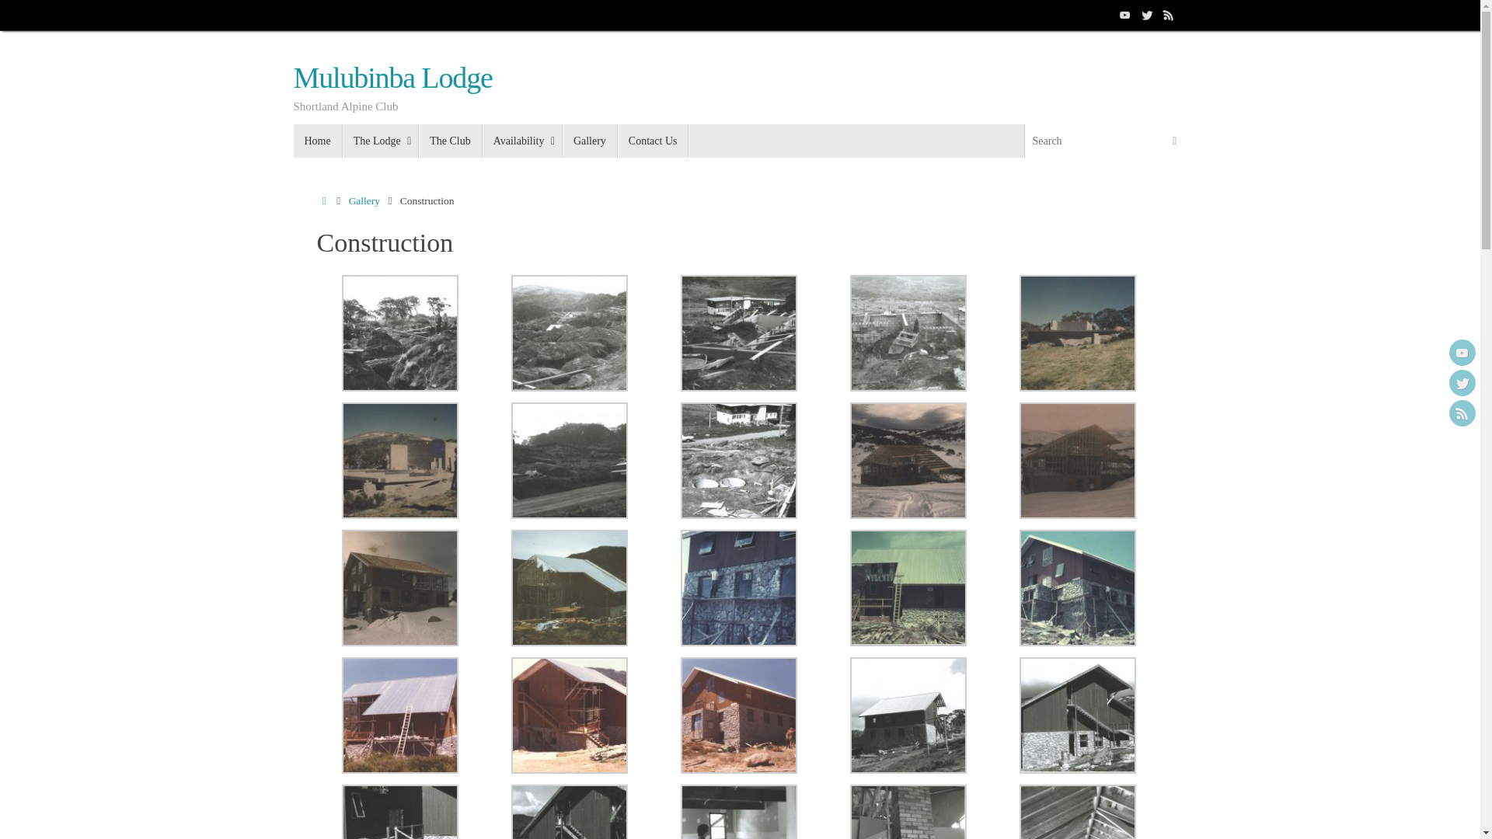 The height and width of the screenshot is (839, 1492). Describe the element at coordinates (392, 78) in the screenshot. I see `'Mulubinba Lodge'` at that location.